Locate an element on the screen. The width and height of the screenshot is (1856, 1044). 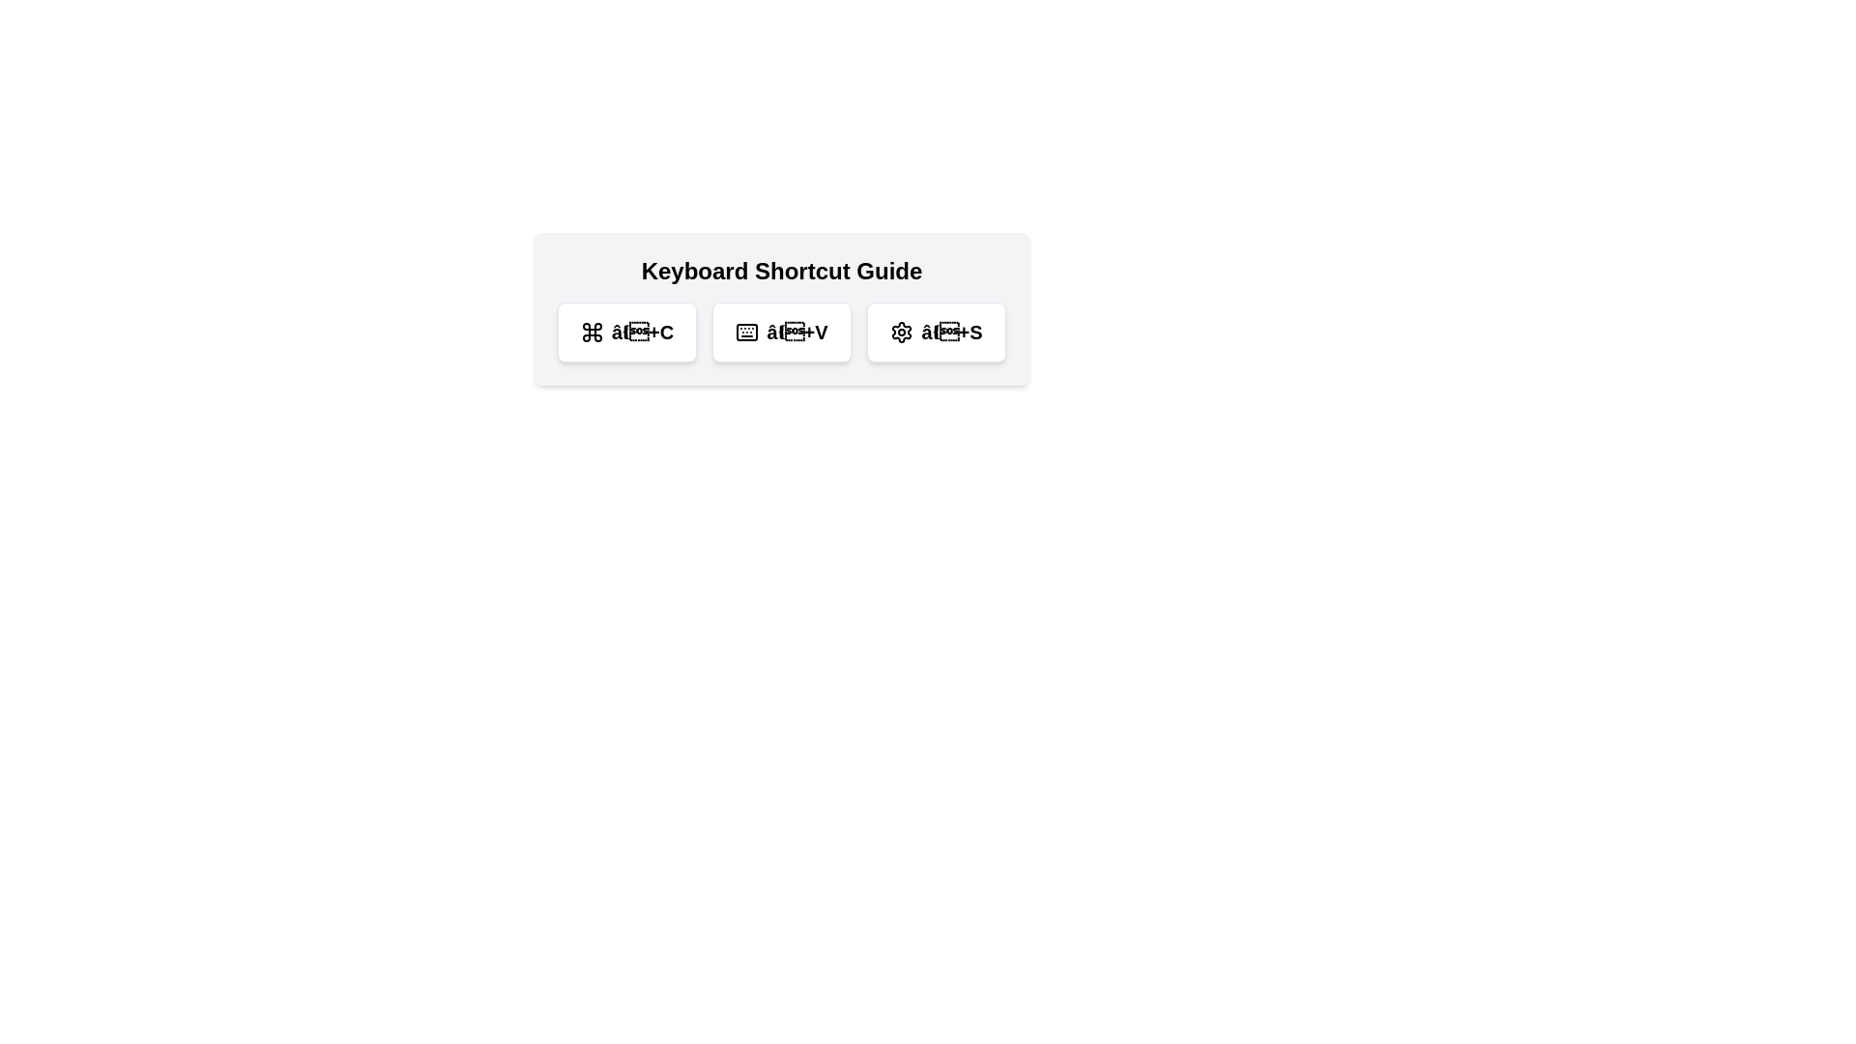
the text label indicating the keyboard shortcut '⌘+S' to utilize its related functionality for saving is located at coordinates (937, 331).